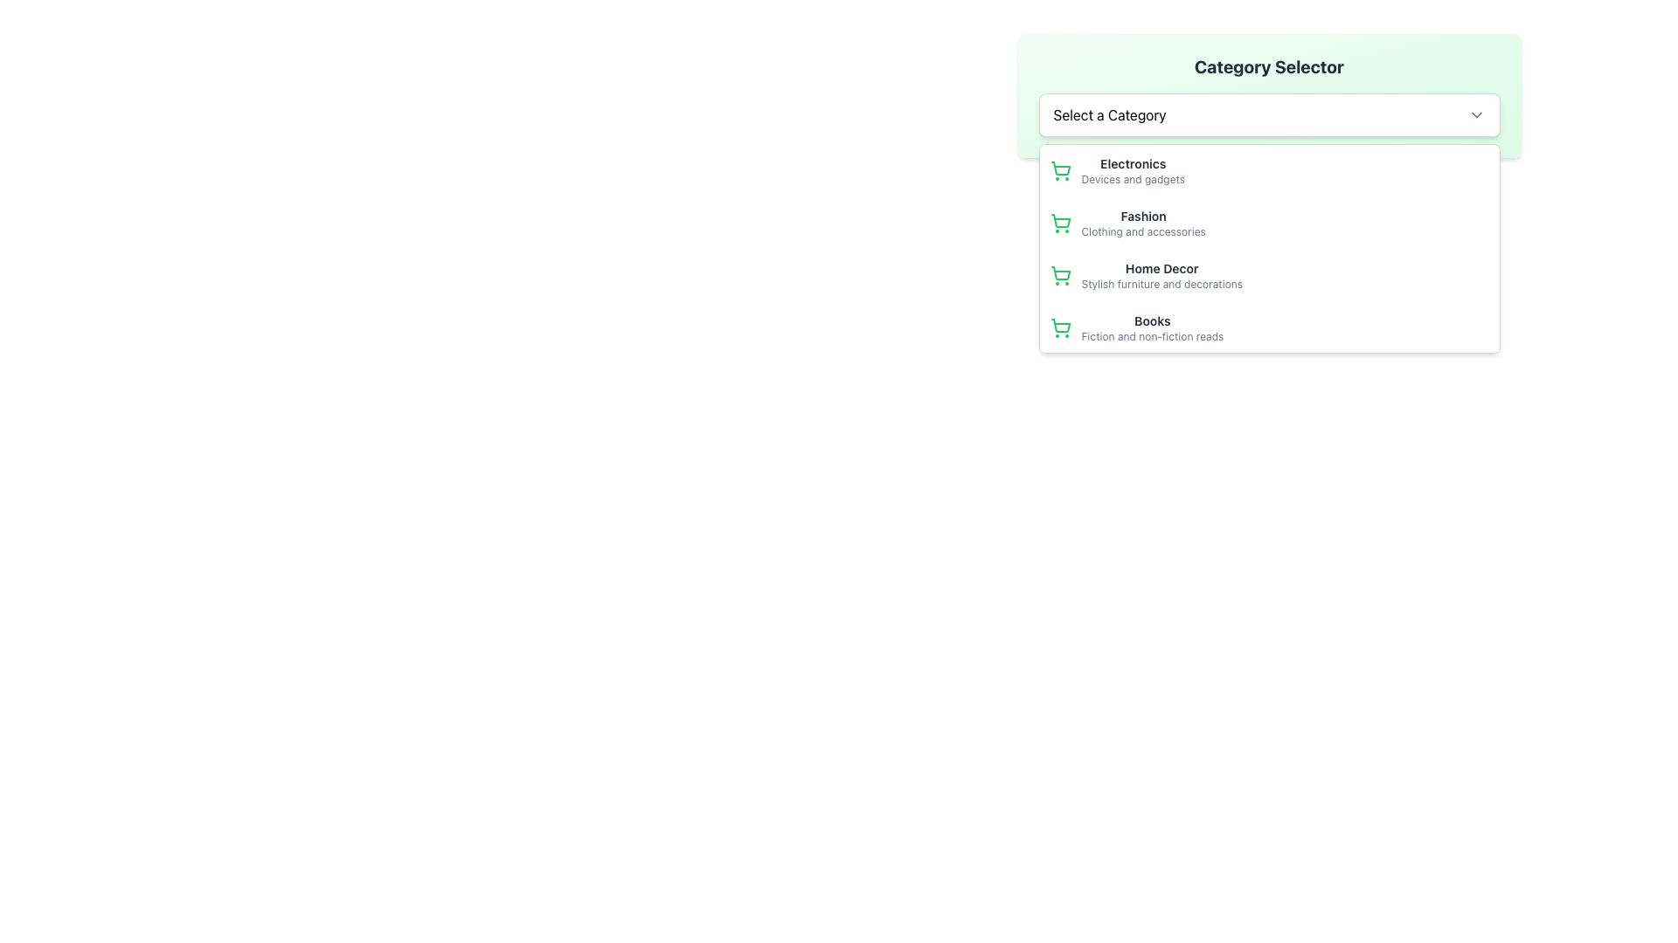  Describe the element at coordinates (1059, 222) in the screenshot. I see `the shopping cart icon styled with thin green lines located to the left of the 'Fashion' label in the 'Category Selector' dropdown menu` at that location.